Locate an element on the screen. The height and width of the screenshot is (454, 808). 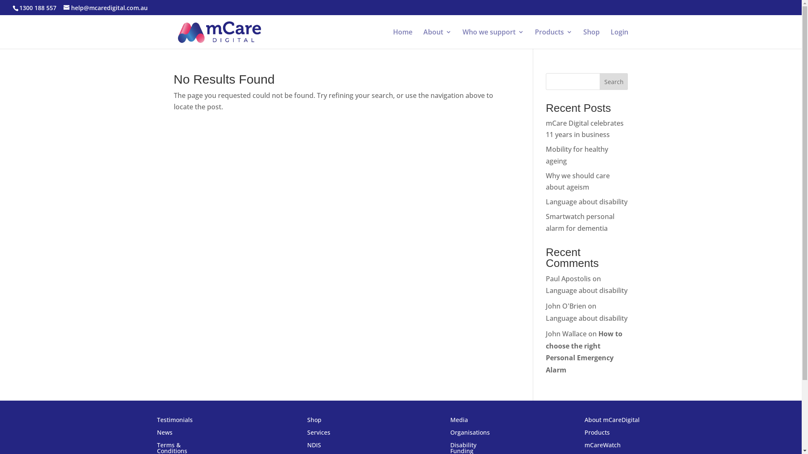
'About' is located at coordinates (437, 39).